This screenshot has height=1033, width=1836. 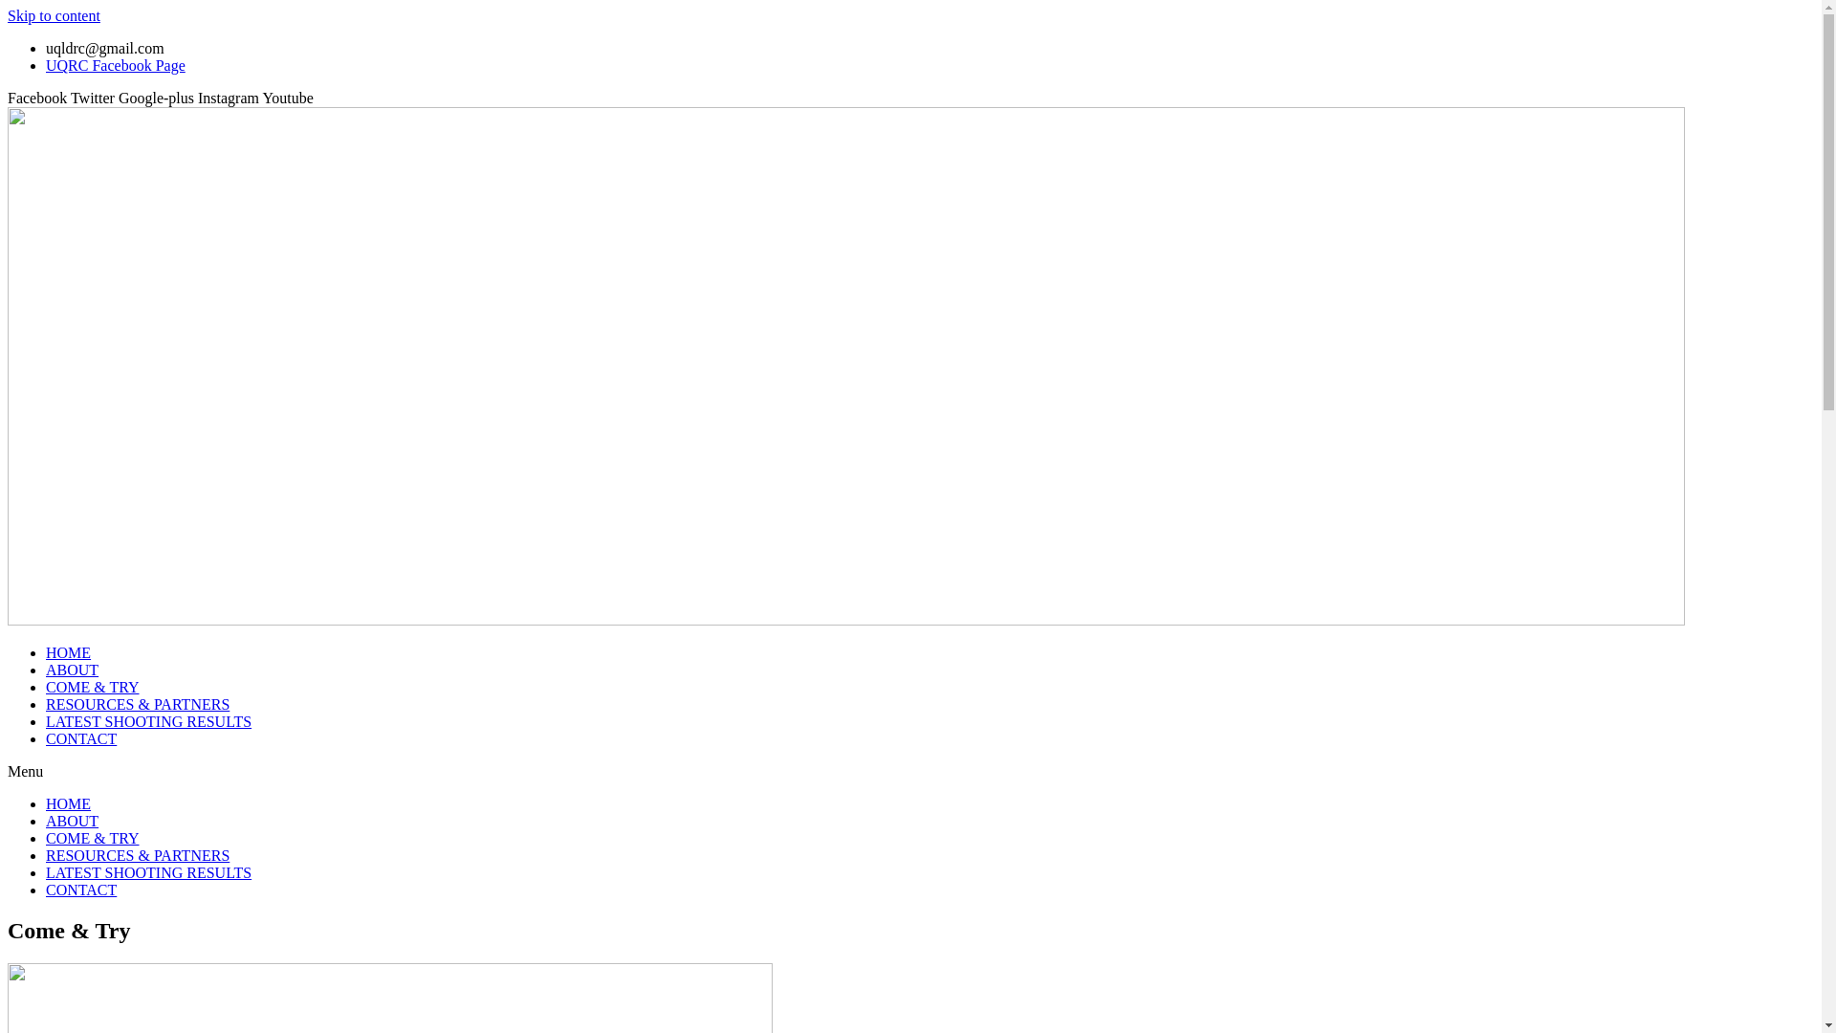 What do you see at coordinates (91, 837) in the screenshot?
I see `'COME & TRY'` at bounding box center [91, 837].